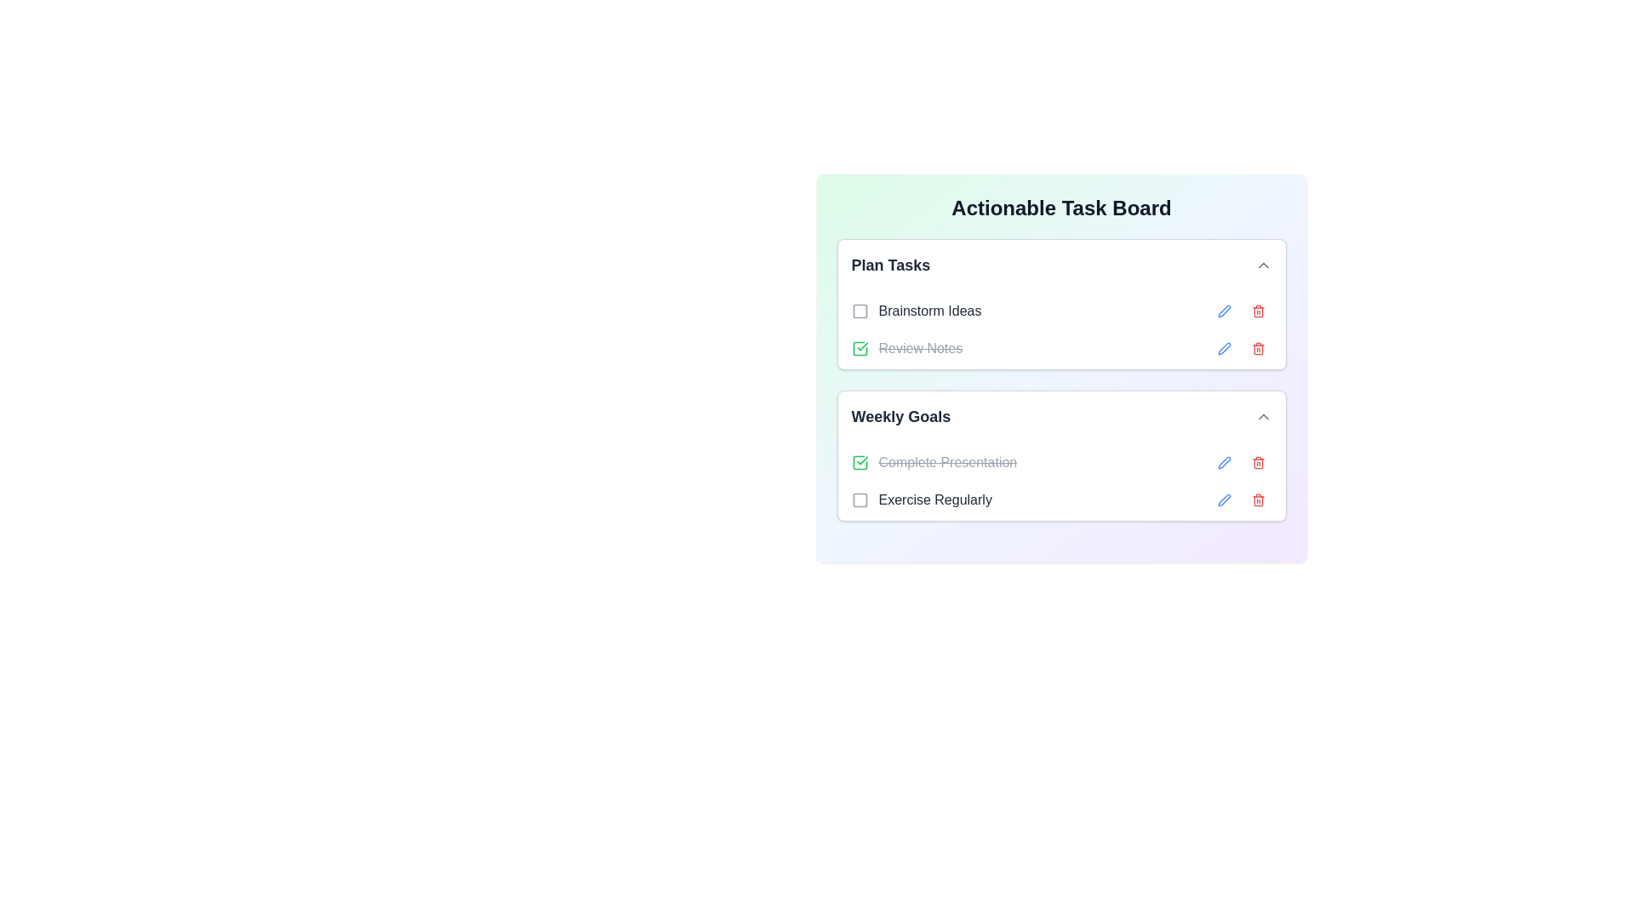 The image size is (1634, 919). Describe the element at coordinates (1258, 499) in the screenshot. I see `the delete icon button located to the right of the last task under the 'Weekly Goals' section` at that location.